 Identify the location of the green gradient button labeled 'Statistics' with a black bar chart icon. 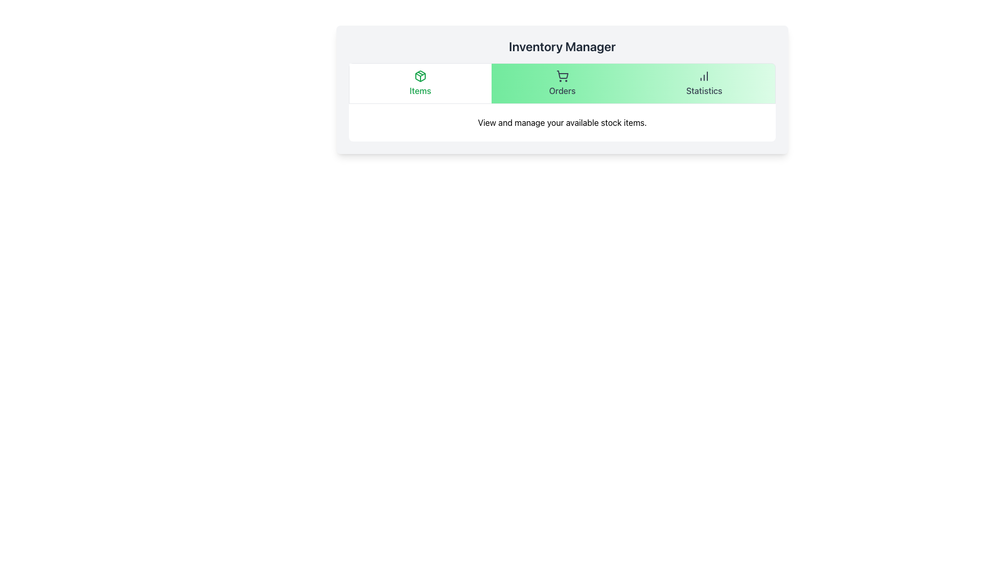
(704, 83).